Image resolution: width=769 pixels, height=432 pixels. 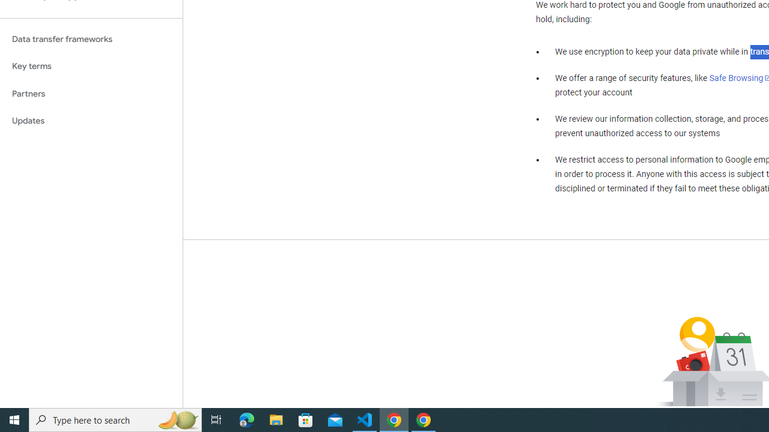 I want to click on 'Partners', so click(x=91, y=93).